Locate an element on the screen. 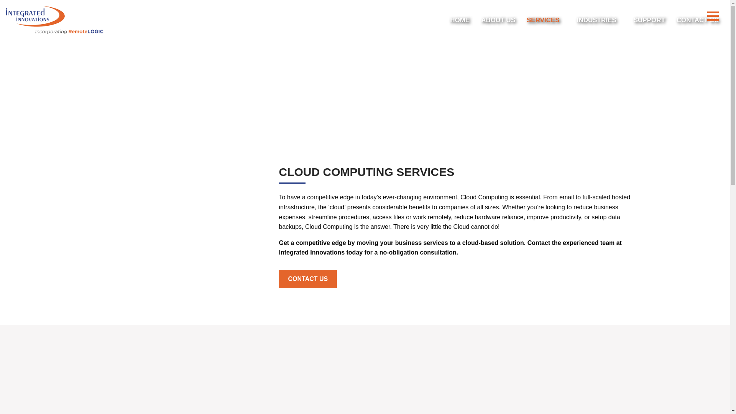 This screenshot has width=736, height=414. 'HOME' is located at coordinates (460, 19).